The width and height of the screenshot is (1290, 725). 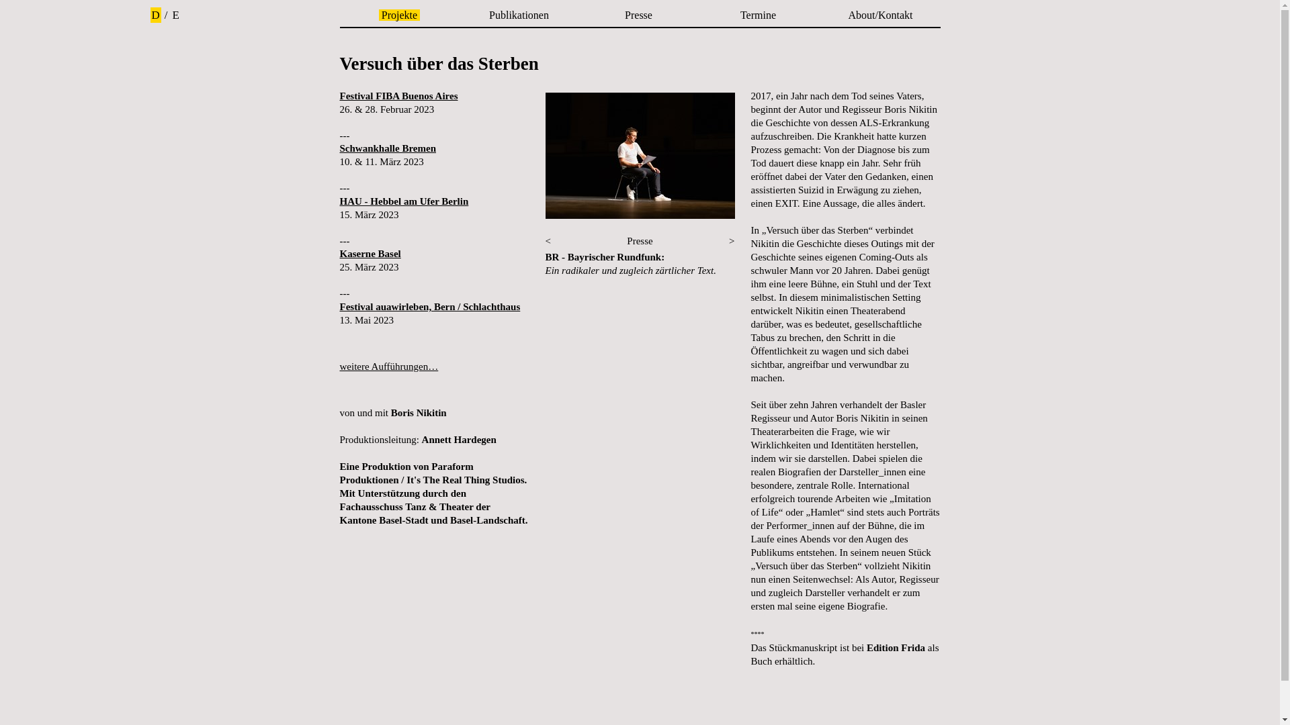 I want to click on 'Edition Frida', so click(x=896, y=646).